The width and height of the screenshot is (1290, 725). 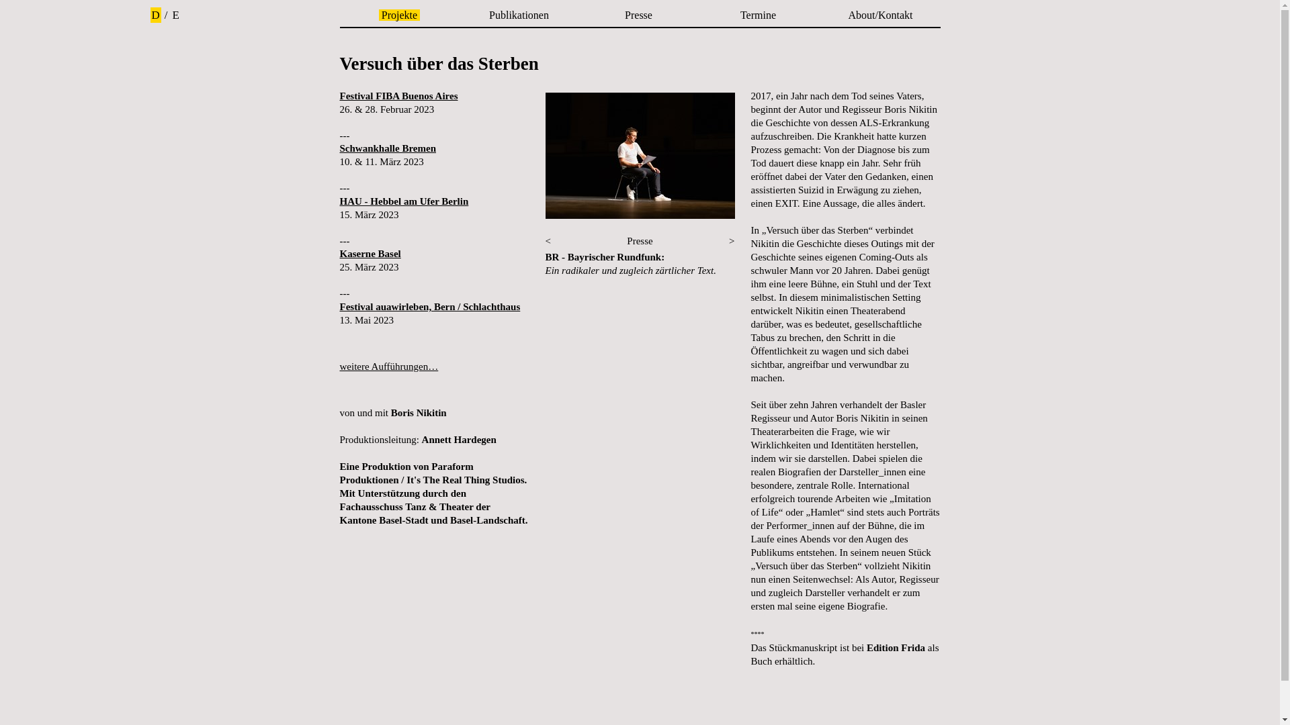 I want to click on 'Edition Frida', so click(x=896, y=646).